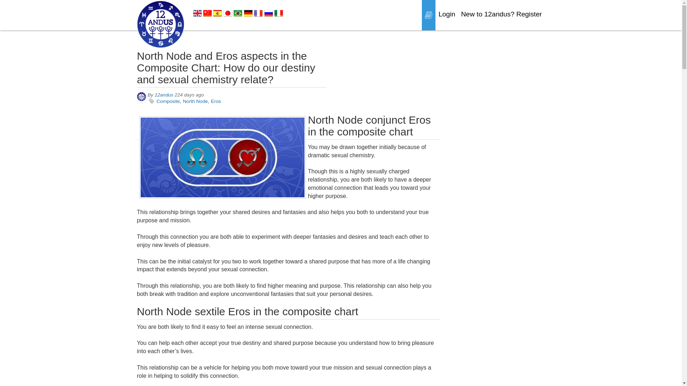 The image size is (687, 386). What do you see at coordinates (238, 13) in the screenshot?
I see `'Brazilian Portuguese'` at bounding box center [238, 13].